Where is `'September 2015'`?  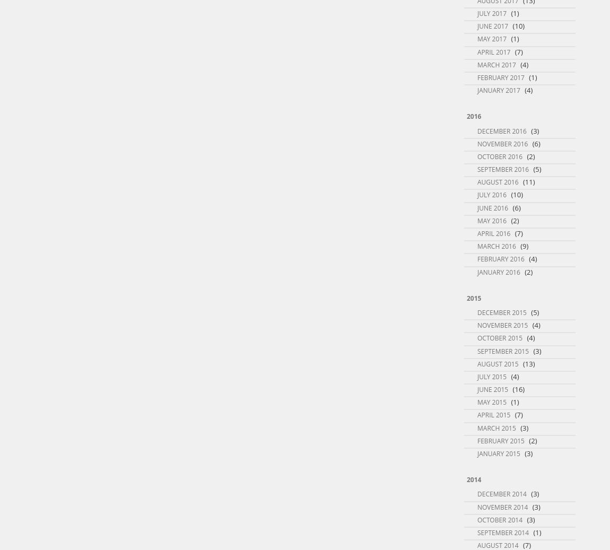 'September 2015' is located at coordinates (503, 351).